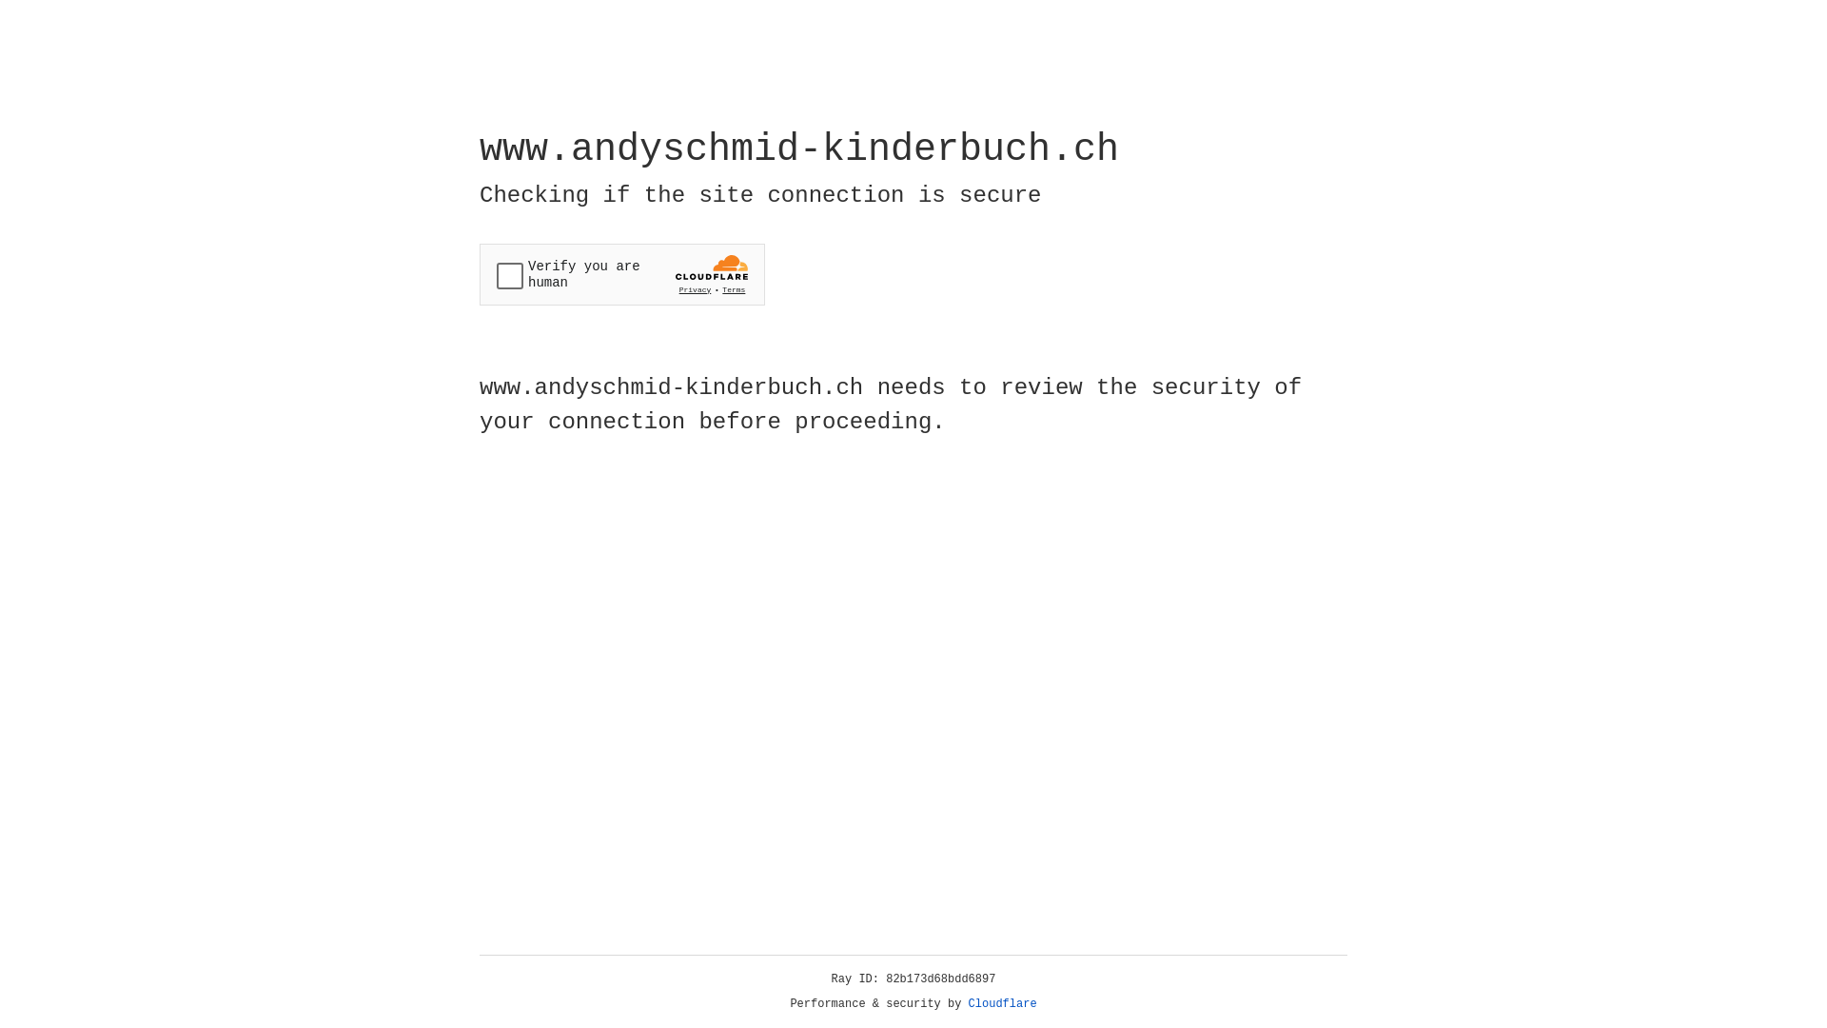 The width and height of the screenshot is (1827, 1028). I want to click on 'Cloudflare', so click(1002, 1003).